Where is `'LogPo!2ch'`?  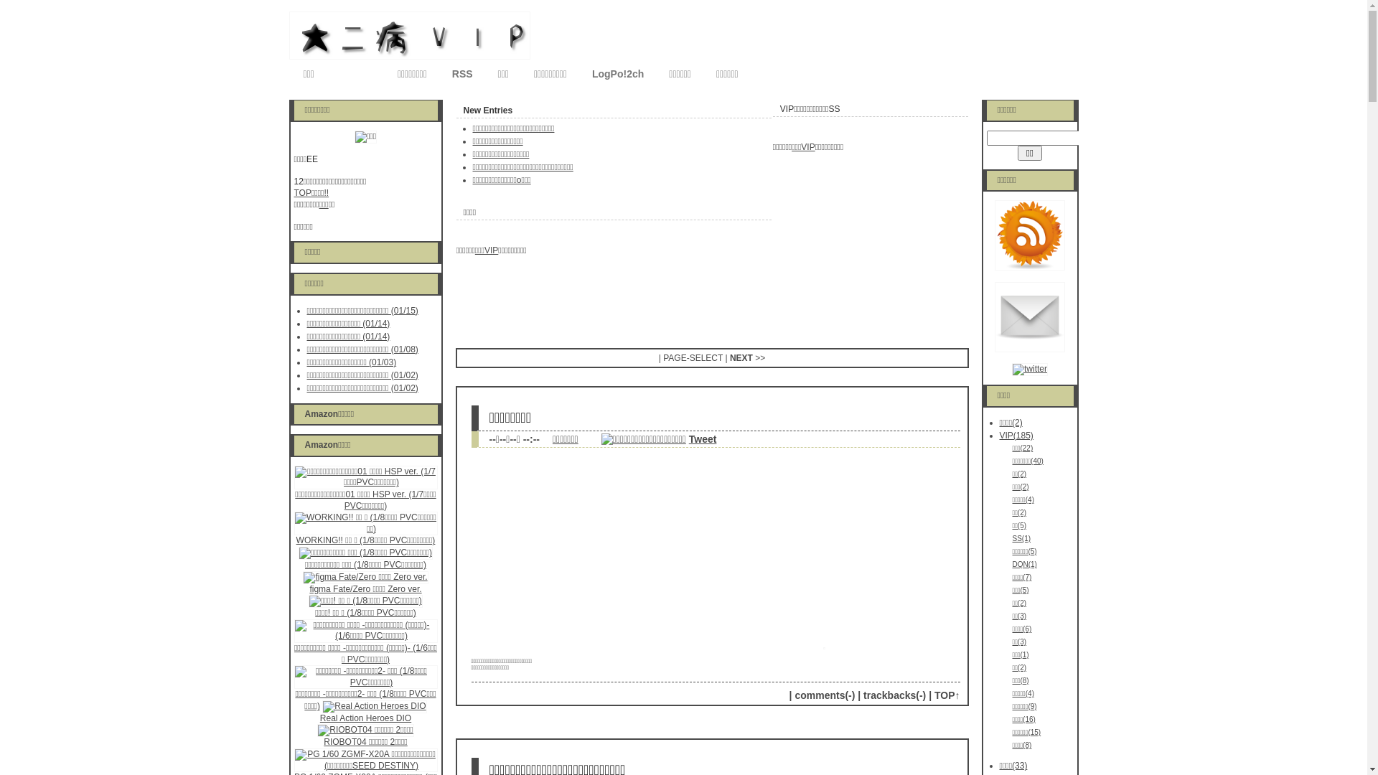 'LogPo!2ch' is located at coordinates (617, 76).